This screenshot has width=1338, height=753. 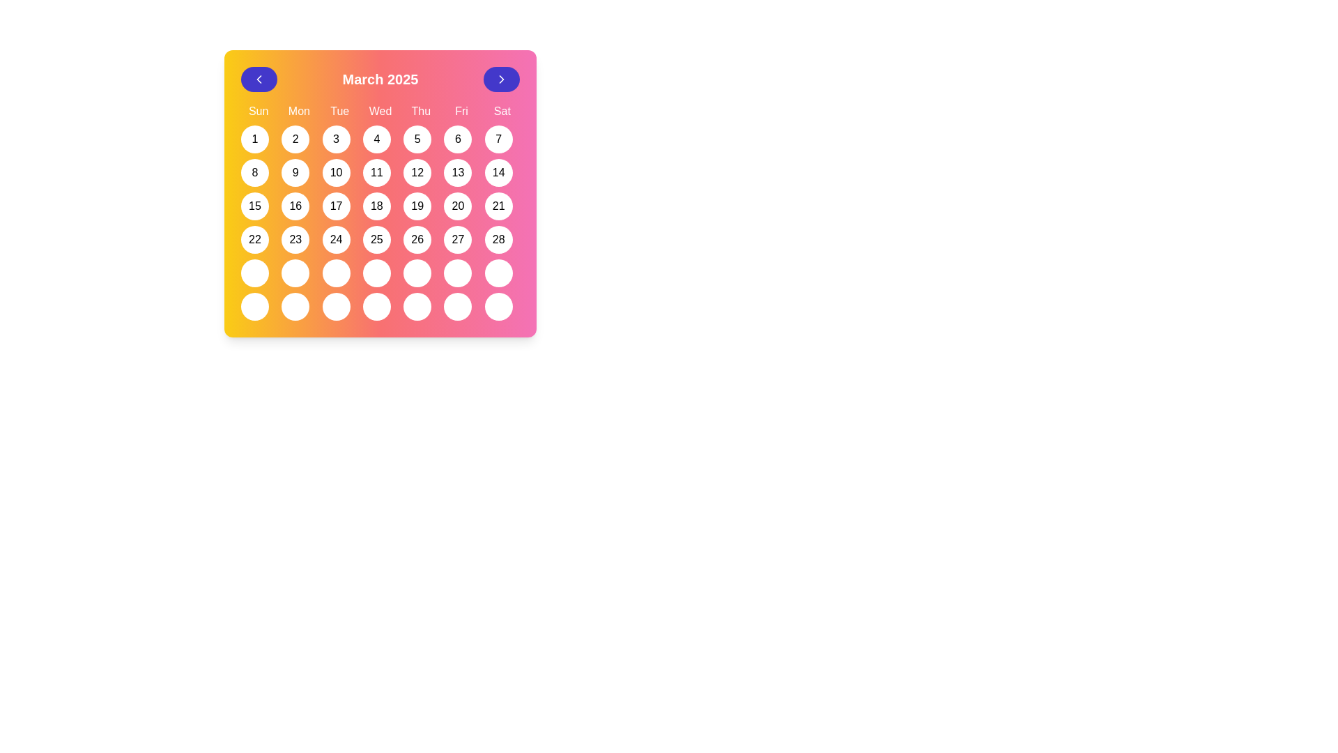 I want to click on the navigation arrow icon in the top-right section of the user interface, so click(x=502, y=79).